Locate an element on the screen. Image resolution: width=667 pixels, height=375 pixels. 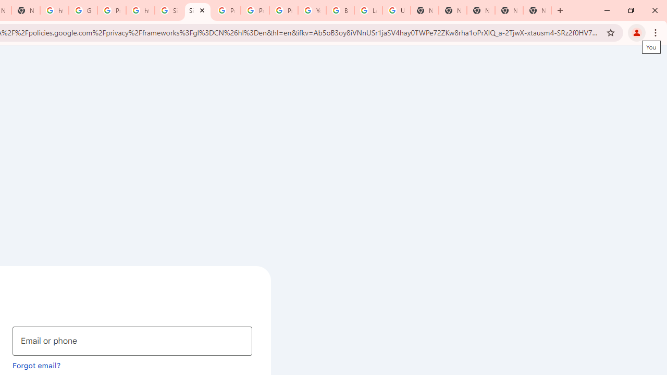
'Sign in - Google Accounts' is located at coordinates (197, 10).